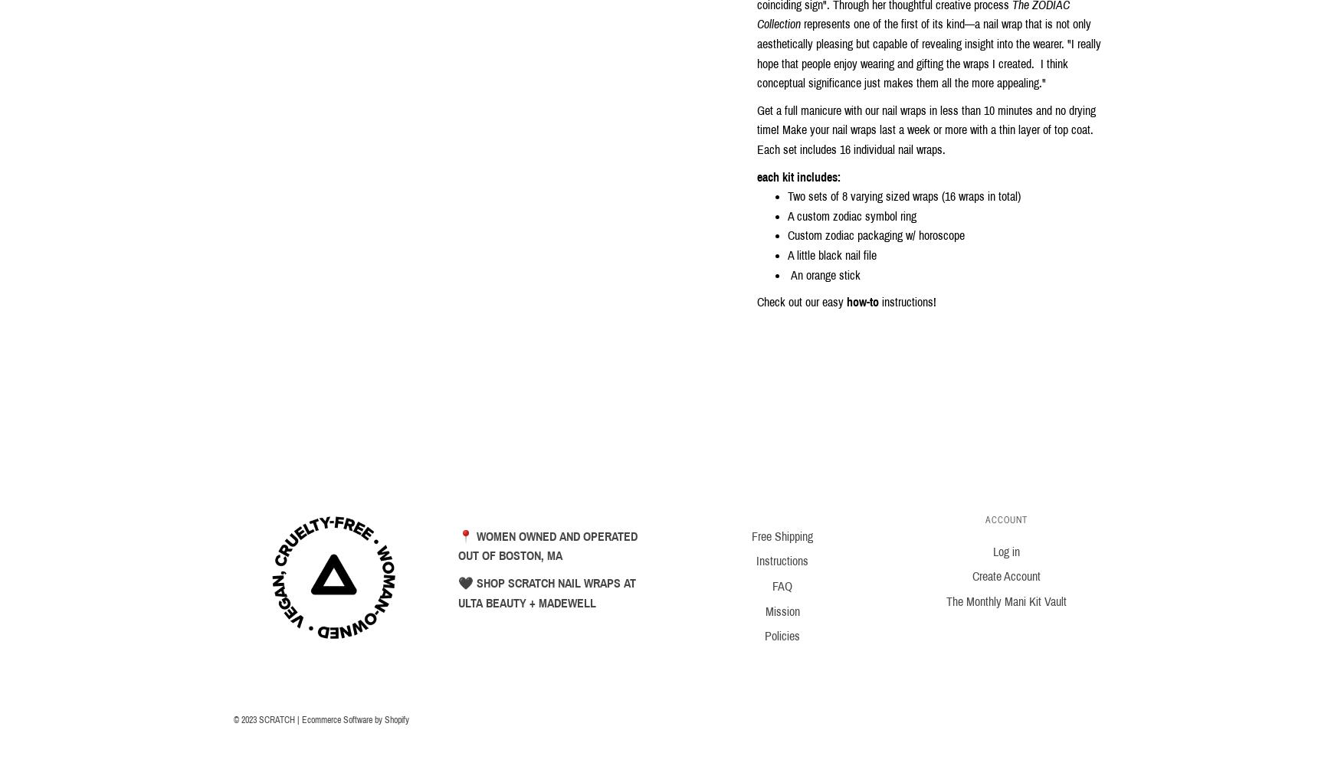 This screenshot has height=766, width=1341. What do you see at coordinates (1005, 601) in the screenshot?
I see `'The Monthly Mani Kit Vault'` at bounding box center [1005, 601].